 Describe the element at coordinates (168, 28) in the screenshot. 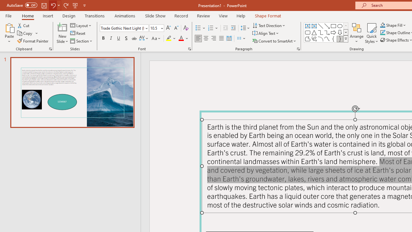

I see `'Increase Font Size'` at that location.